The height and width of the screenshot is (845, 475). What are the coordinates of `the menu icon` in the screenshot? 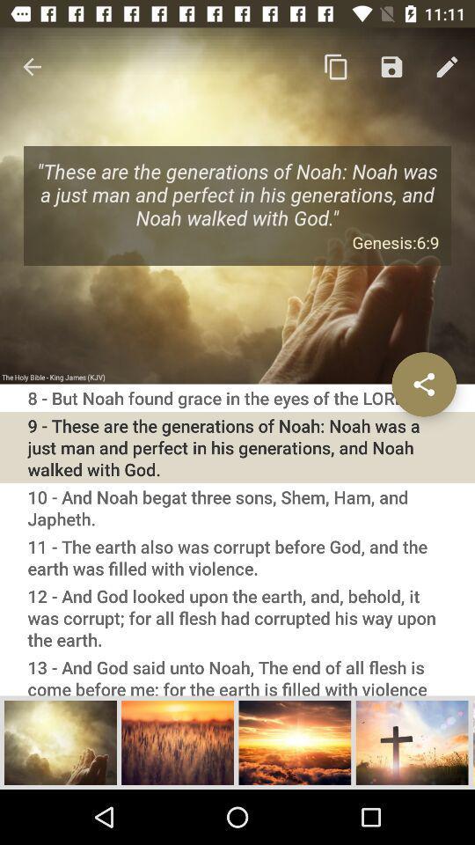 It's located at (473, 741).